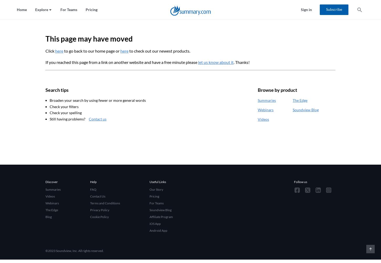 The width and height of the screenshot is (381, 263). Describe the element at coordinates (267, 100) in the screenshot. I see `'Summaries'` at that location.